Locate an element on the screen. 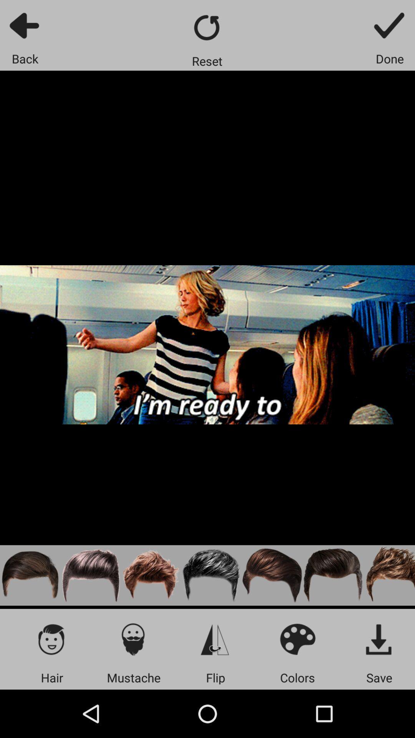 The height and width of the screenshot is (738, 415). flip photo is located at coordinates (215, 639).